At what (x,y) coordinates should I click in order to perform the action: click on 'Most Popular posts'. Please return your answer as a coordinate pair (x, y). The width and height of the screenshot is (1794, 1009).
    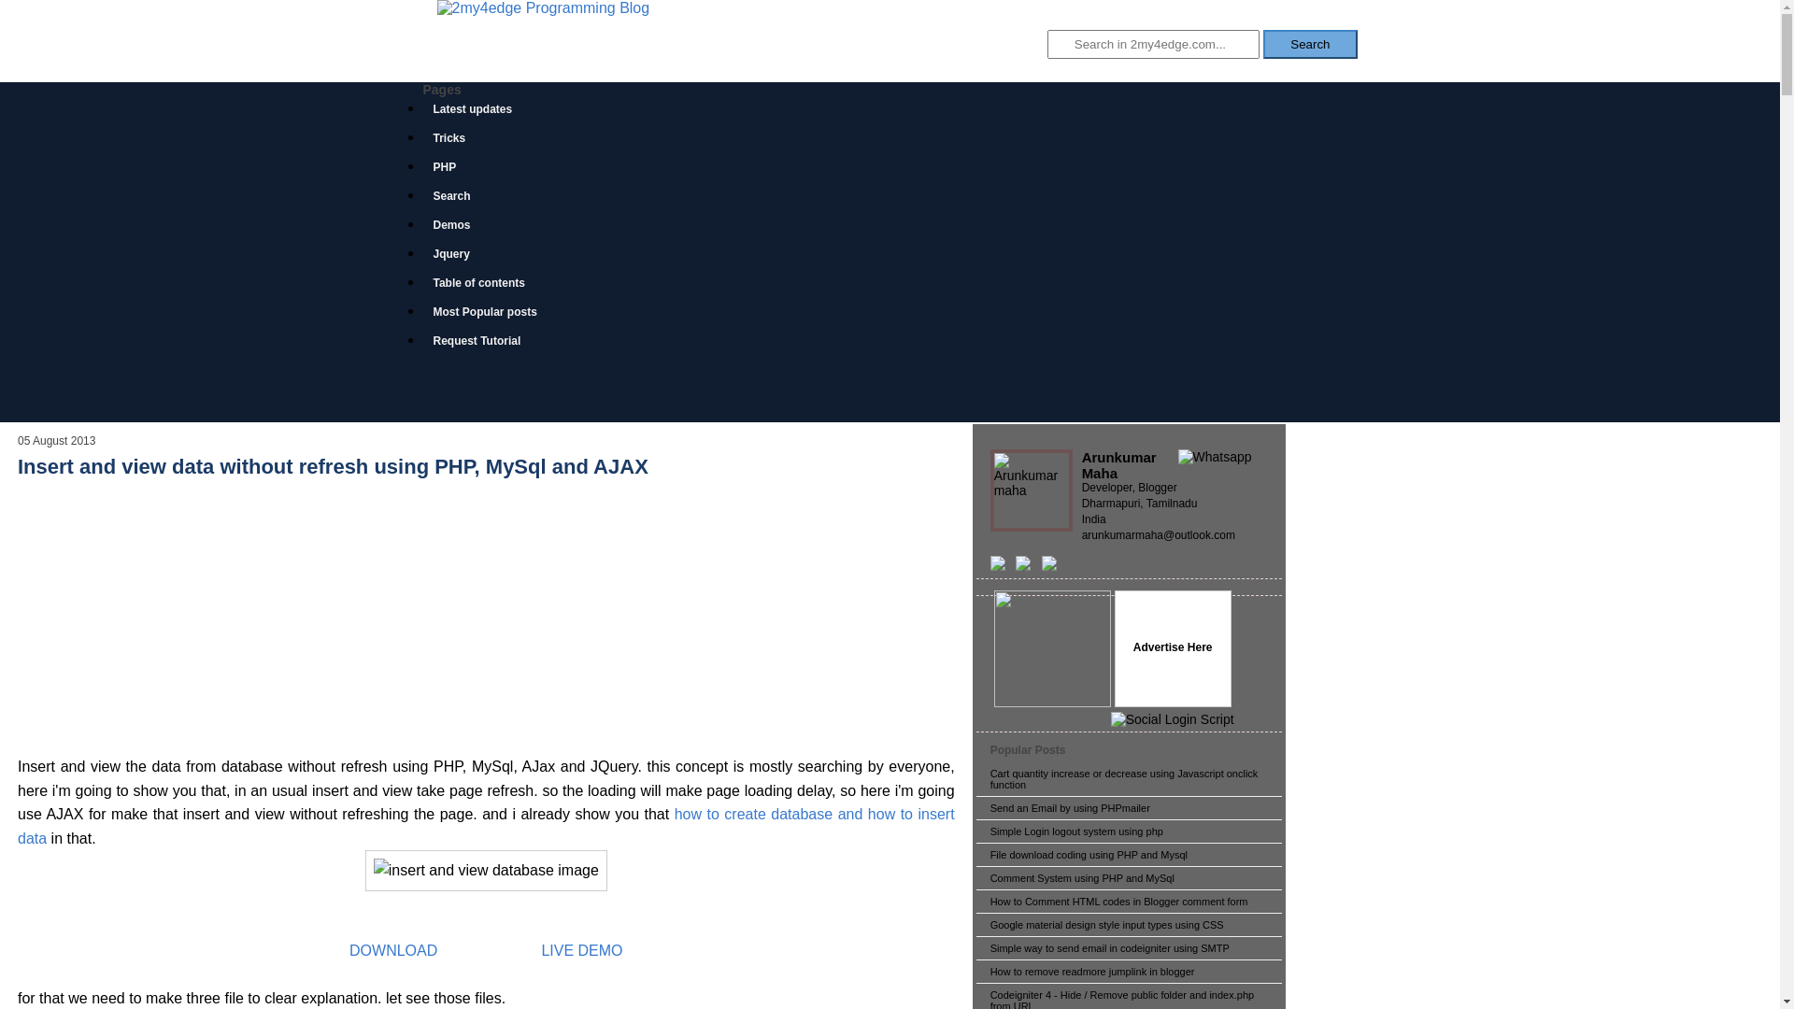
    Looking at the image, I should click on (493, 313).